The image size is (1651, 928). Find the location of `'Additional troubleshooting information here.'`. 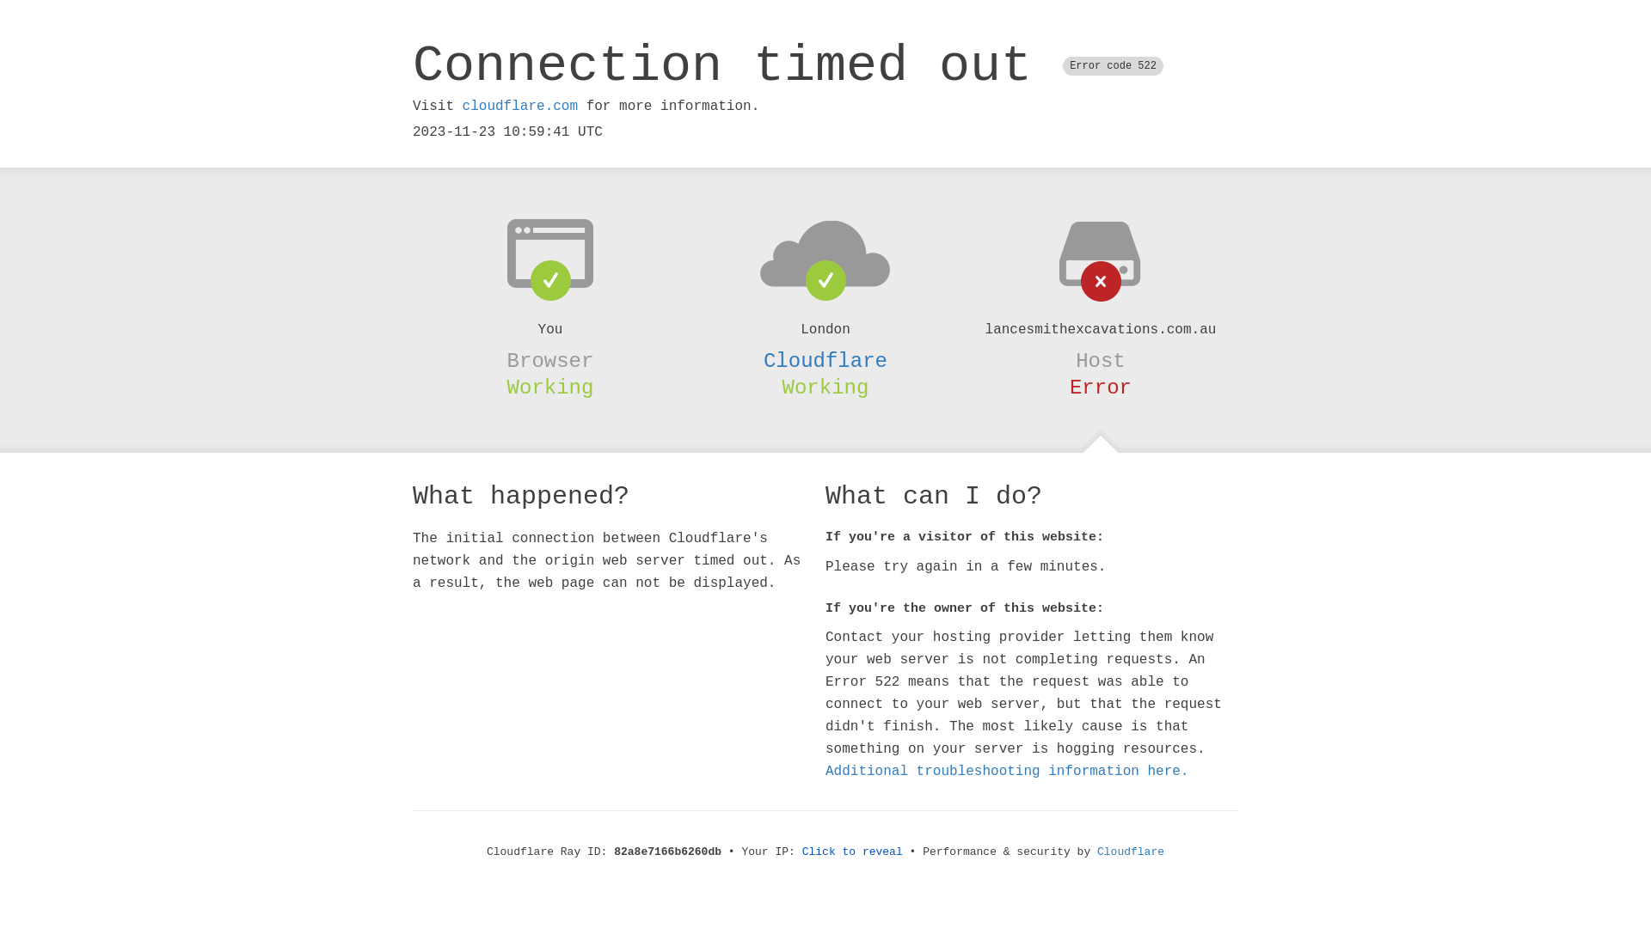

'Additional troubleshooting information here.' is located at coordinates (1007, 771).